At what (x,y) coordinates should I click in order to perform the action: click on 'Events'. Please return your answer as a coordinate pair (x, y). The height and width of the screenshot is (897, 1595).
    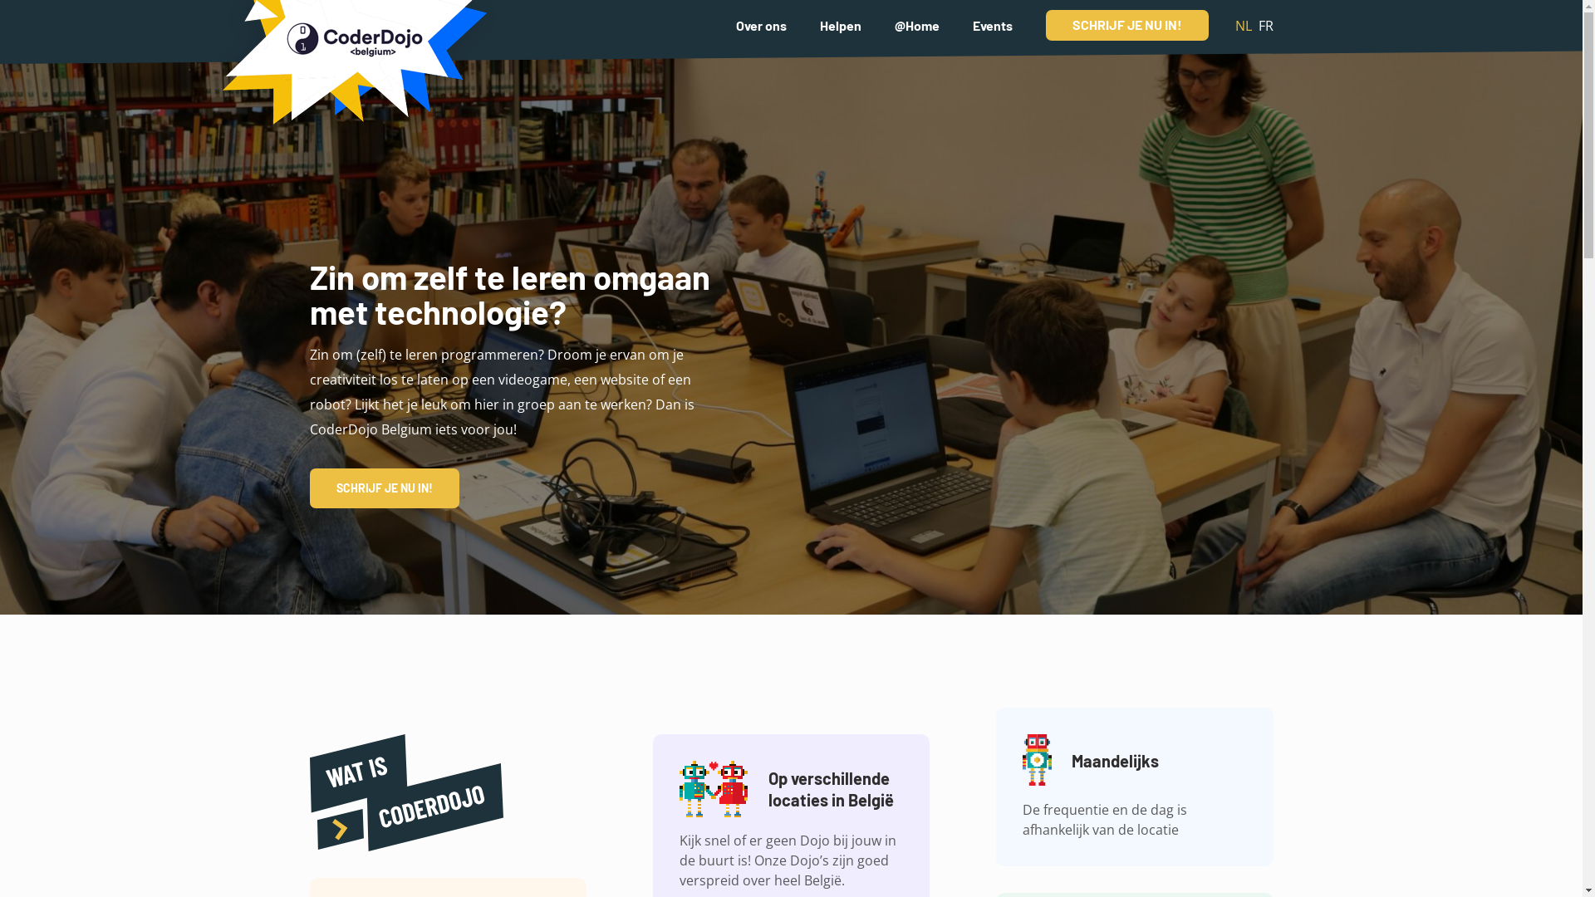
    Looking at the image, I should click on (992, 24).